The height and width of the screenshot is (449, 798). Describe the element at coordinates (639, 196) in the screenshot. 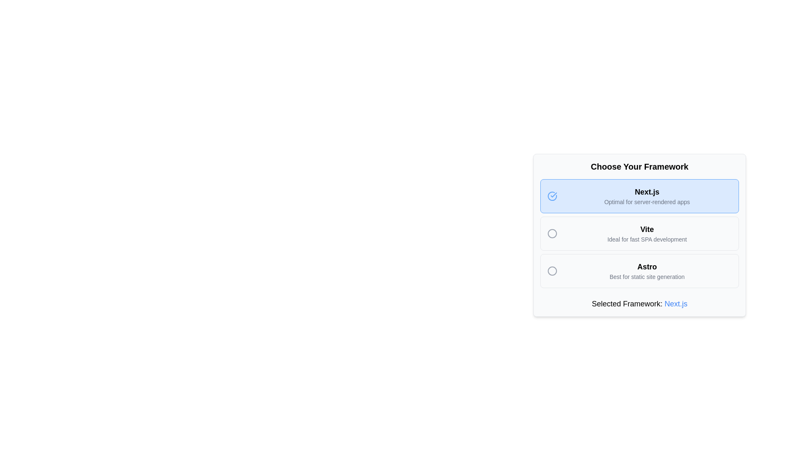

I see `the highlighted card labeled 'Next.js' with a checkmark icon` at that location.